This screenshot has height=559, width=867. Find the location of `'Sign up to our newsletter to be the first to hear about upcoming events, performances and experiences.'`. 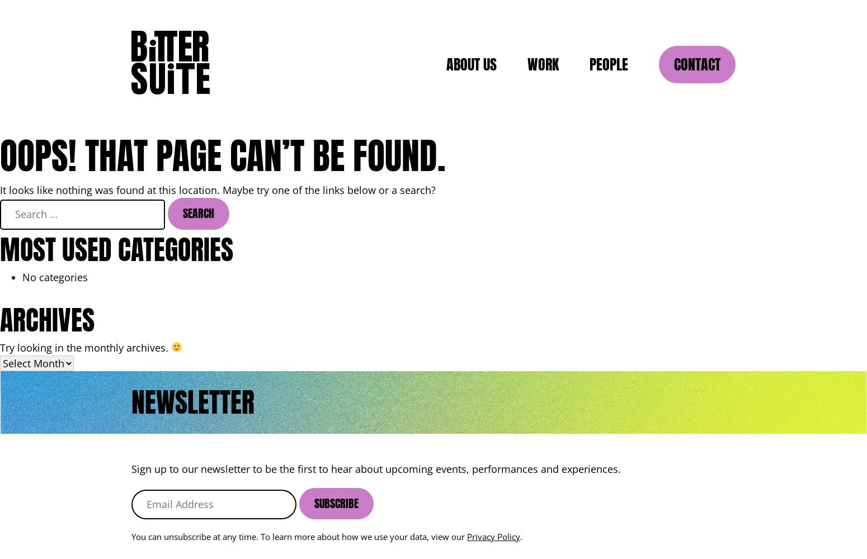

'Sign up to our newsletter to be the first to hear about upcoming events, performances and experiences.' is located at coordinates (375, 468).